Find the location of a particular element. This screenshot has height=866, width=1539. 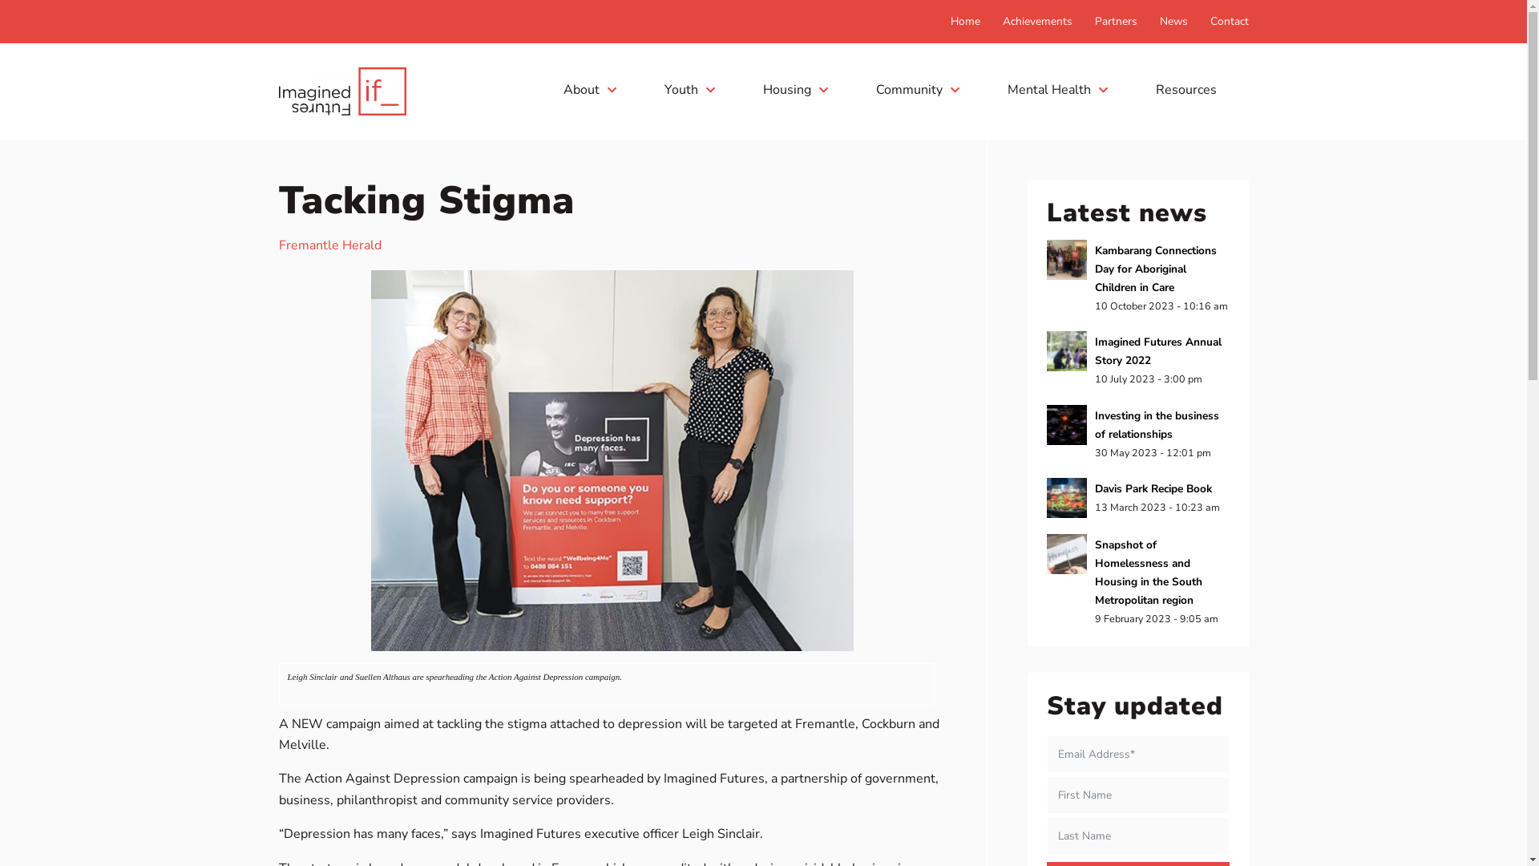

'Youth' is located at coordinates (689, 89).